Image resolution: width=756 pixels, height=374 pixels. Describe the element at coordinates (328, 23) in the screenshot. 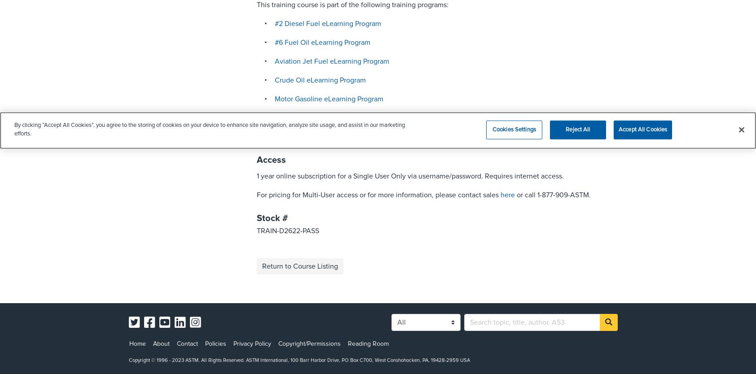

I see `'#2 Diesel Fuel eLearning Program'` at that location.